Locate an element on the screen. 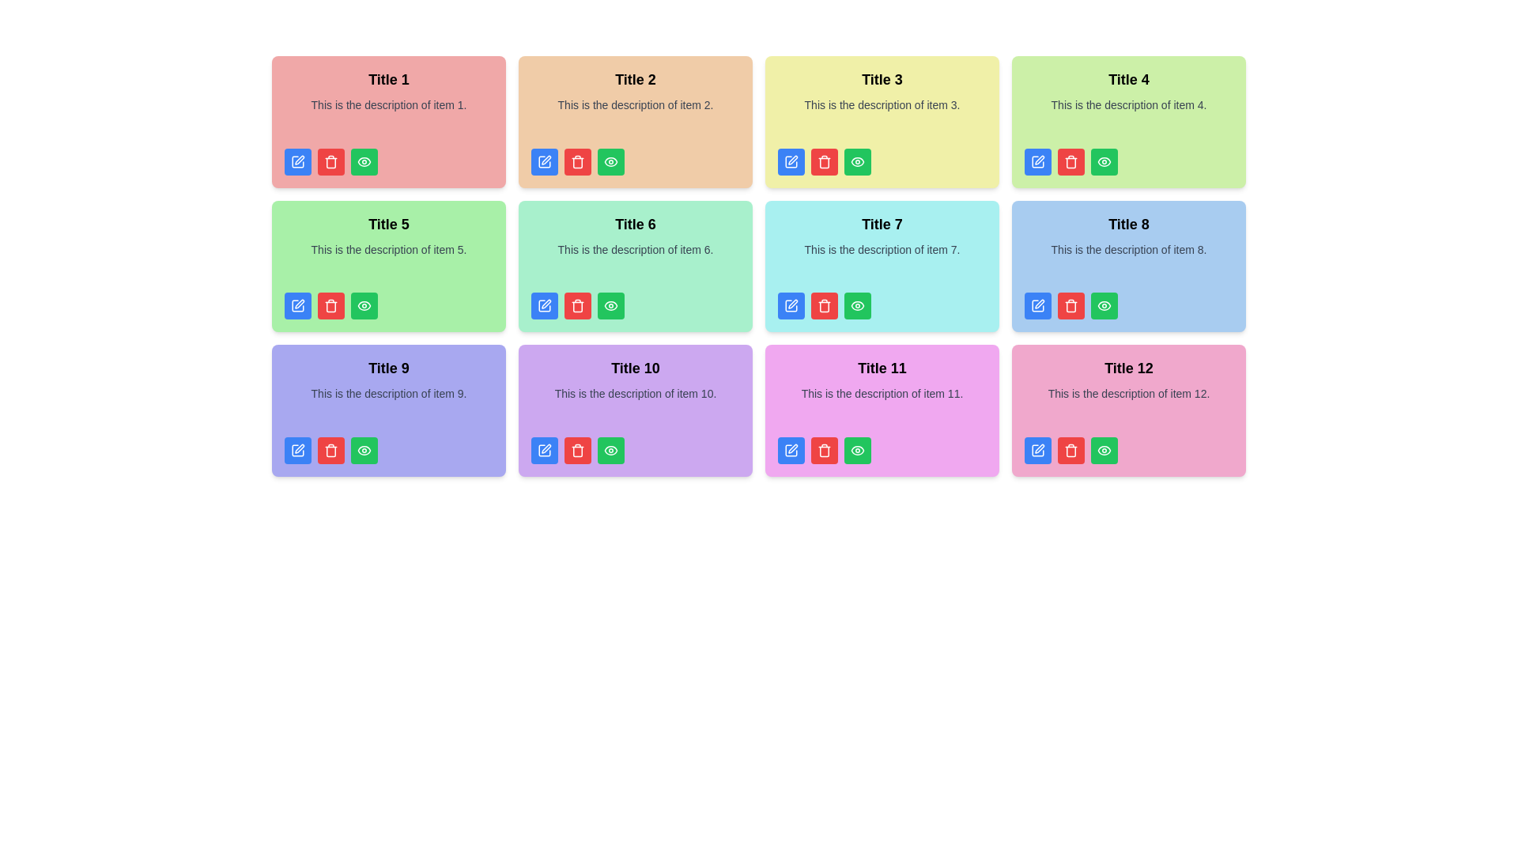  the group of buttons contained within the card titled 'Title 8', which is located at the bottom section of the card with a light blue background is located at coordinates (1128, 305).